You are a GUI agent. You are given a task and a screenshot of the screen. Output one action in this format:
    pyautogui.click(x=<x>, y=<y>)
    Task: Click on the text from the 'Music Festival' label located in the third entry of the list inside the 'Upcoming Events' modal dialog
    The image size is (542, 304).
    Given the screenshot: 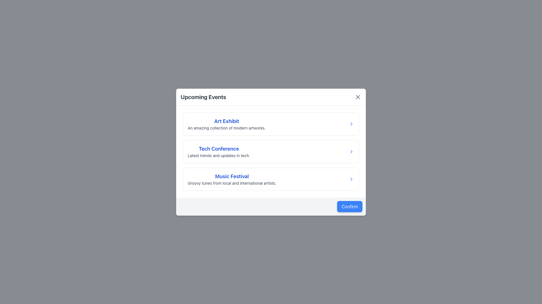 What is the action you would take?
    pyautogui.click(x=232, y=176)
    